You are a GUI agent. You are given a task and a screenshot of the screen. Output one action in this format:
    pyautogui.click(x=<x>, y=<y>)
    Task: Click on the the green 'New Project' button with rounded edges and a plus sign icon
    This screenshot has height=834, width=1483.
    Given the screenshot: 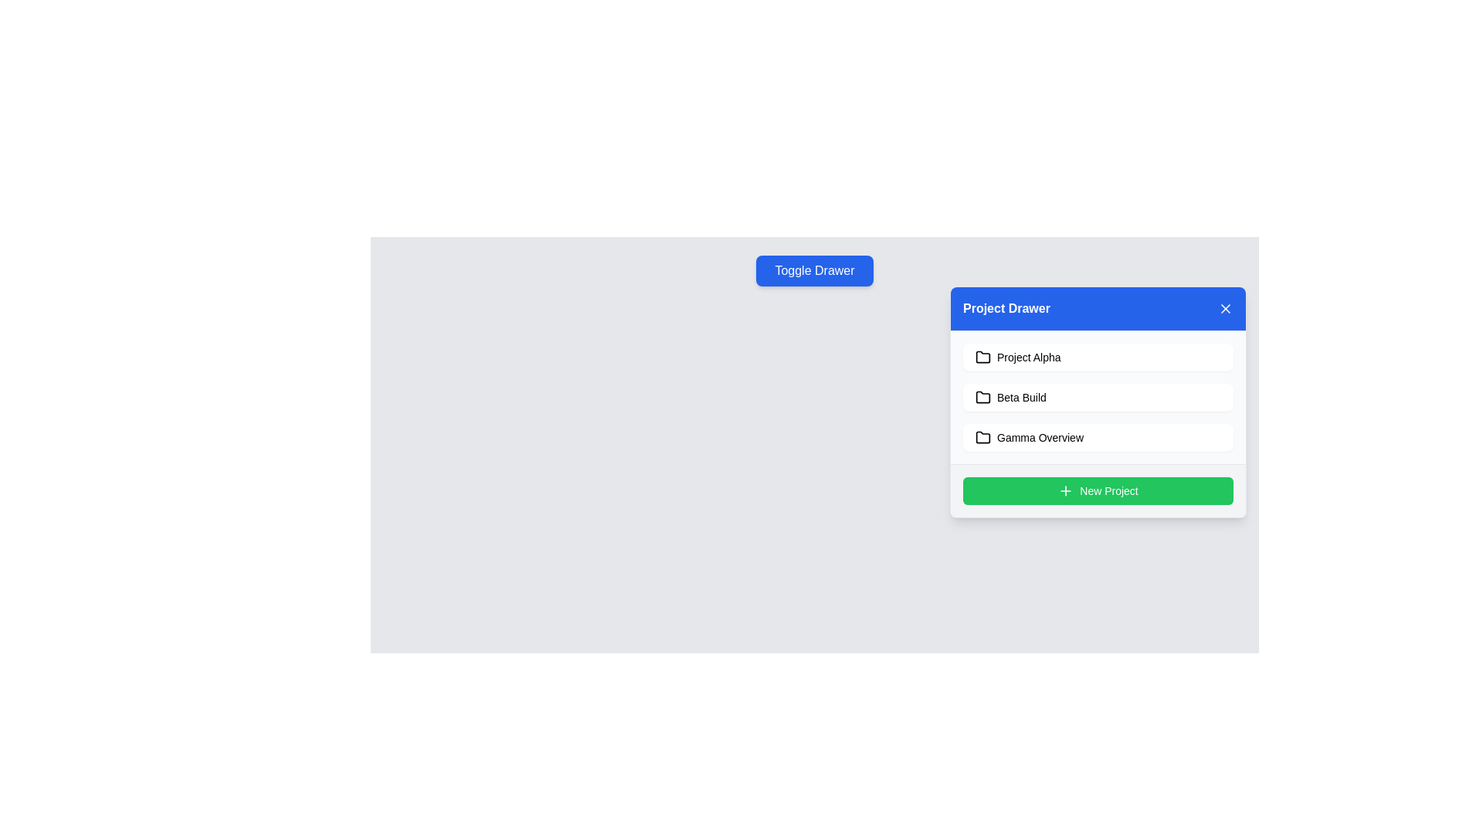 What is the action you would take?
    pyautogui.click(x=1097, y=491)
    